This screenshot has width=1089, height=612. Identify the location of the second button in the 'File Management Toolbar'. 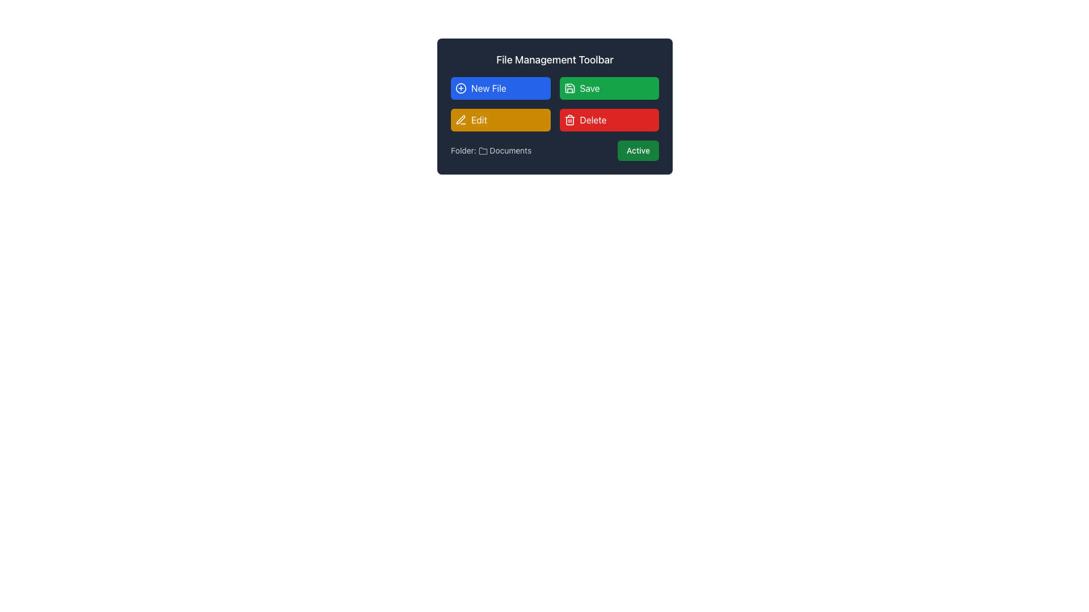
(609, 87).